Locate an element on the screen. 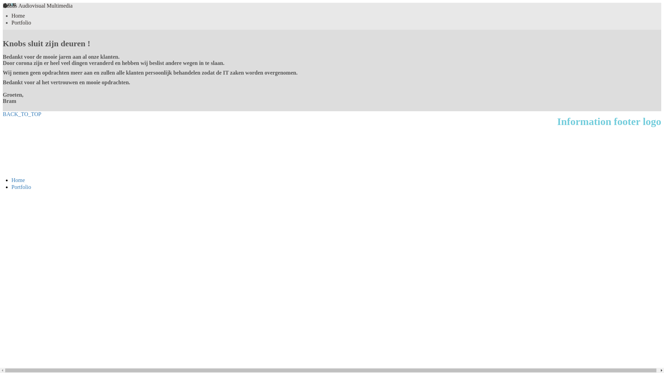 The image size is (664, 373). 'Portfolio' is located at coordinates (11, 22).